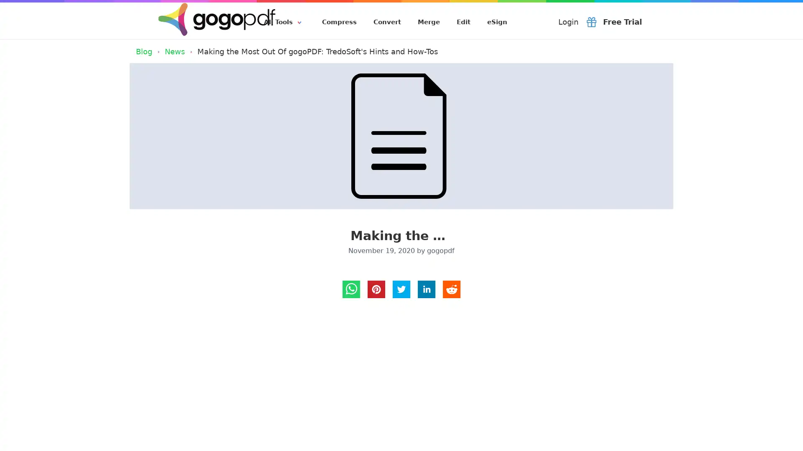 The width and height of the screenshot is (803, 451). I want to click on whatsapp, so click(351, 289).